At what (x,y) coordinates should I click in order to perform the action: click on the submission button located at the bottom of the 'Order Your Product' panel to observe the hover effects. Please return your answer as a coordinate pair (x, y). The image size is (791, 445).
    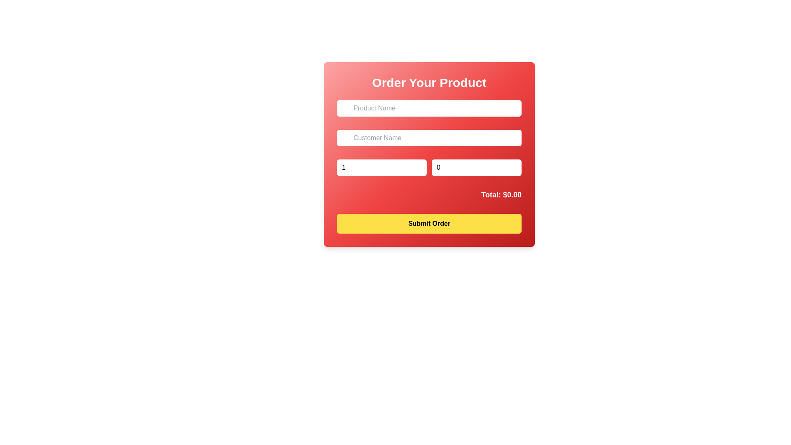
    Looking at the image, I should click on (428, 224).